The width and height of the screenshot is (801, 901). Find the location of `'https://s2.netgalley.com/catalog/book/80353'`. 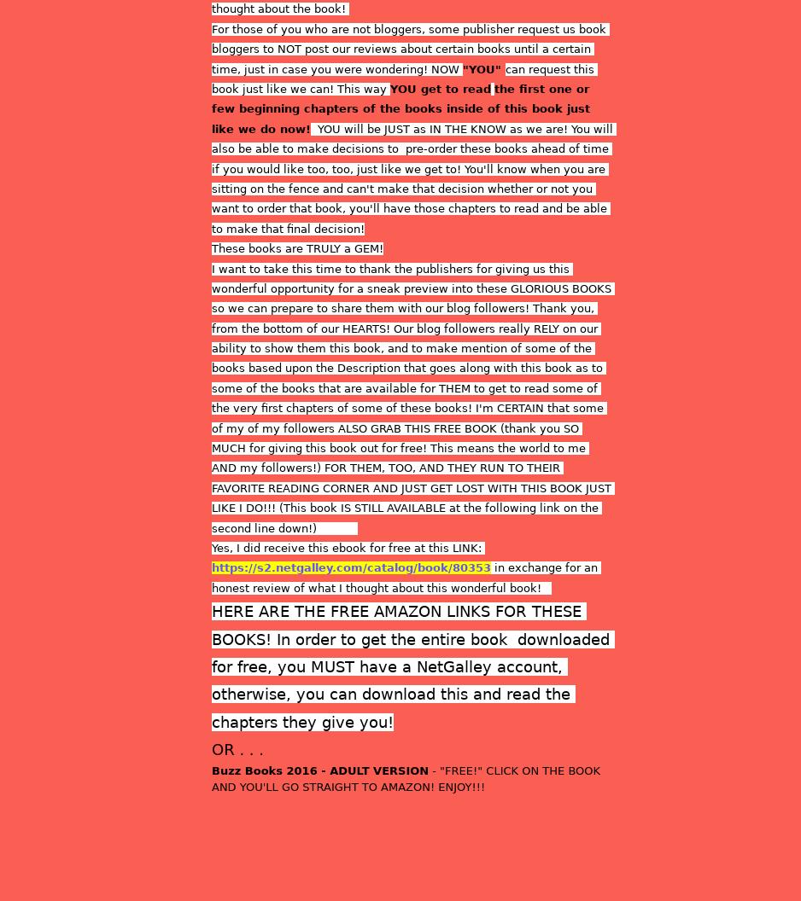

'https://s2.netgalley.com/catalog/book/80353' is located at coordinates (351, 567).